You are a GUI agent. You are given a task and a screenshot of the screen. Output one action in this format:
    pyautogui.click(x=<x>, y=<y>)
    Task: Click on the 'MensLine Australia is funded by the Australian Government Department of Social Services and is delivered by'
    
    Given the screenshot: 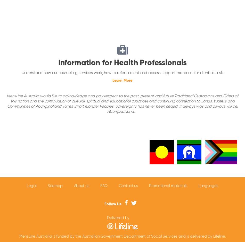 What is the action you would take?
    pyautogui.click(x=19, y=236)
    